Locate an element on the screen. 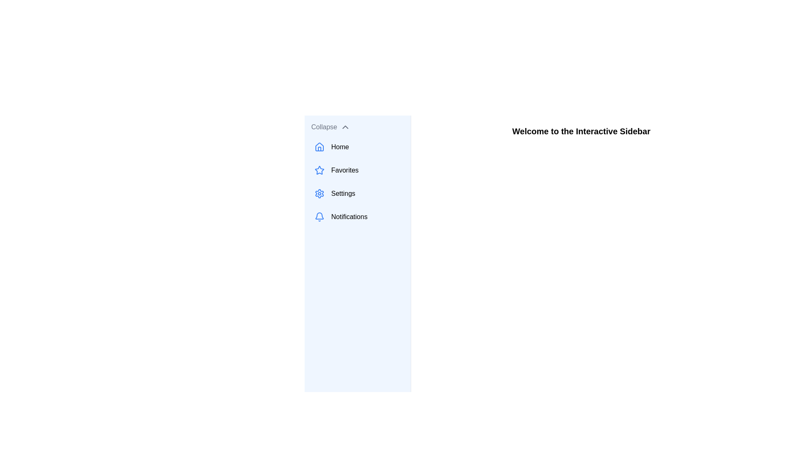  the 'Settings' text label in the vertical menu is located at coordinates (343, 194).